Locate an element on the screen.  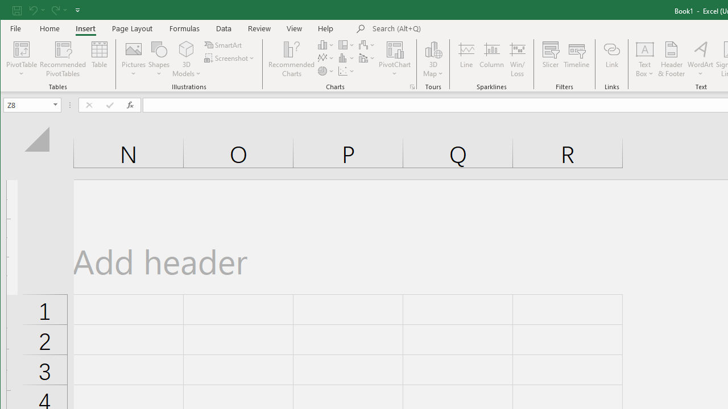
'Timeline' is located at coordinates (577, 59).